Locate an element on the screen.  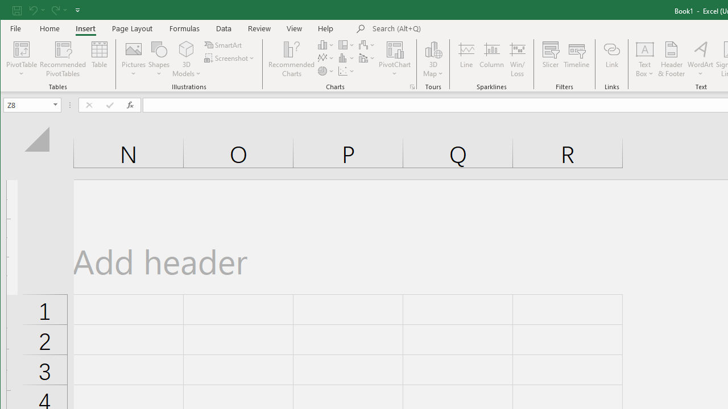
'Timeline' is located at coordinates (577, 59).